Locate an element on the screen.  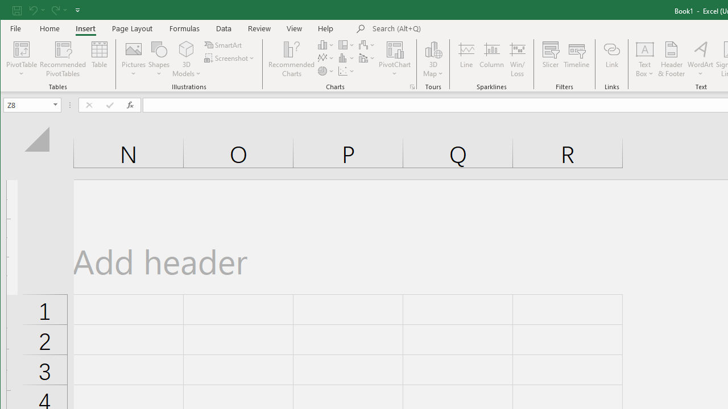
'Timeline' is located at coordinates (577, 59).